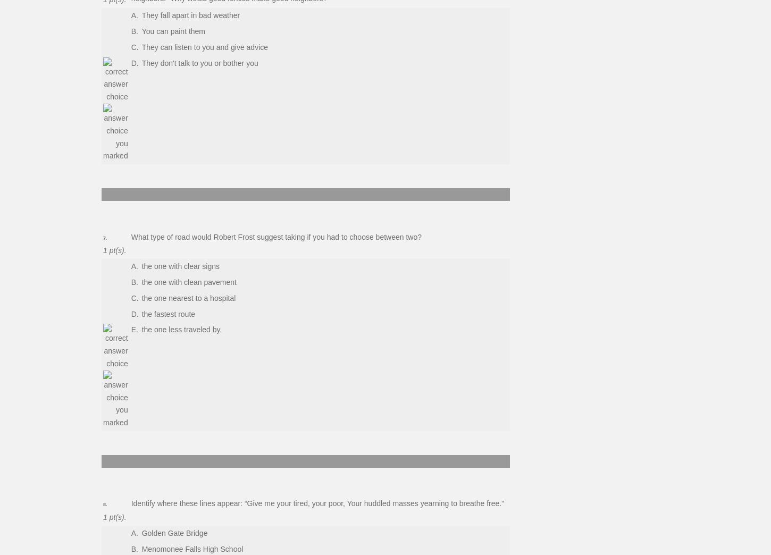 This screenshot has width=771, height=555. Describe the element at coordinates (199, 62) in the screenshot. I see `'They don't talk to you or bother you'` at that location.